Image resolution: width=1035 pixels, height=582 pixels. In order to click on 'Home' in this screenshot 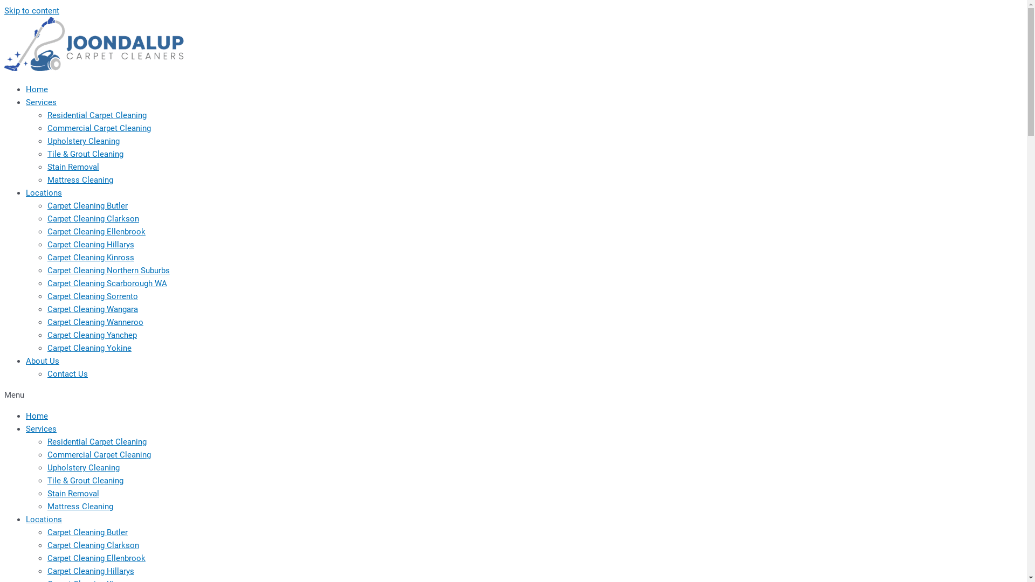, I will do `click(37, 415)`.